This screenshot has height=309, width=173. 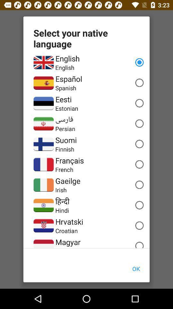 I want to click on ok, so click(x=136, y=269).